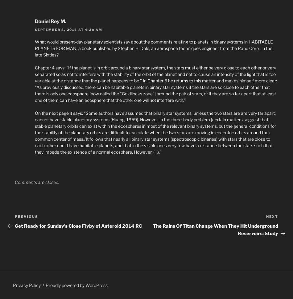  Describe the element at coordinates (156, 84) in the screenshot. I see `'Chapter 4 says: “If the planet is in orbit around a binary star system, the stars must either be very close to each other or very separated so as not to interfere with the stability of the orbit of the planet and not to cause an intensity of the light that is too variable at the distance that the planet happens to be.” In Chapter 5 he returns to this matter and makes himself more clear: “As previously discussed, there can be habitable planets in binary star systems if the stars are so close to each other that there is only one ecosphere [now called the “Goldilocks zone”] around the pair of stars, or if they are so far apart that at least one of them can have an ecosphere that the other one will not interfere with.”'` at that location.